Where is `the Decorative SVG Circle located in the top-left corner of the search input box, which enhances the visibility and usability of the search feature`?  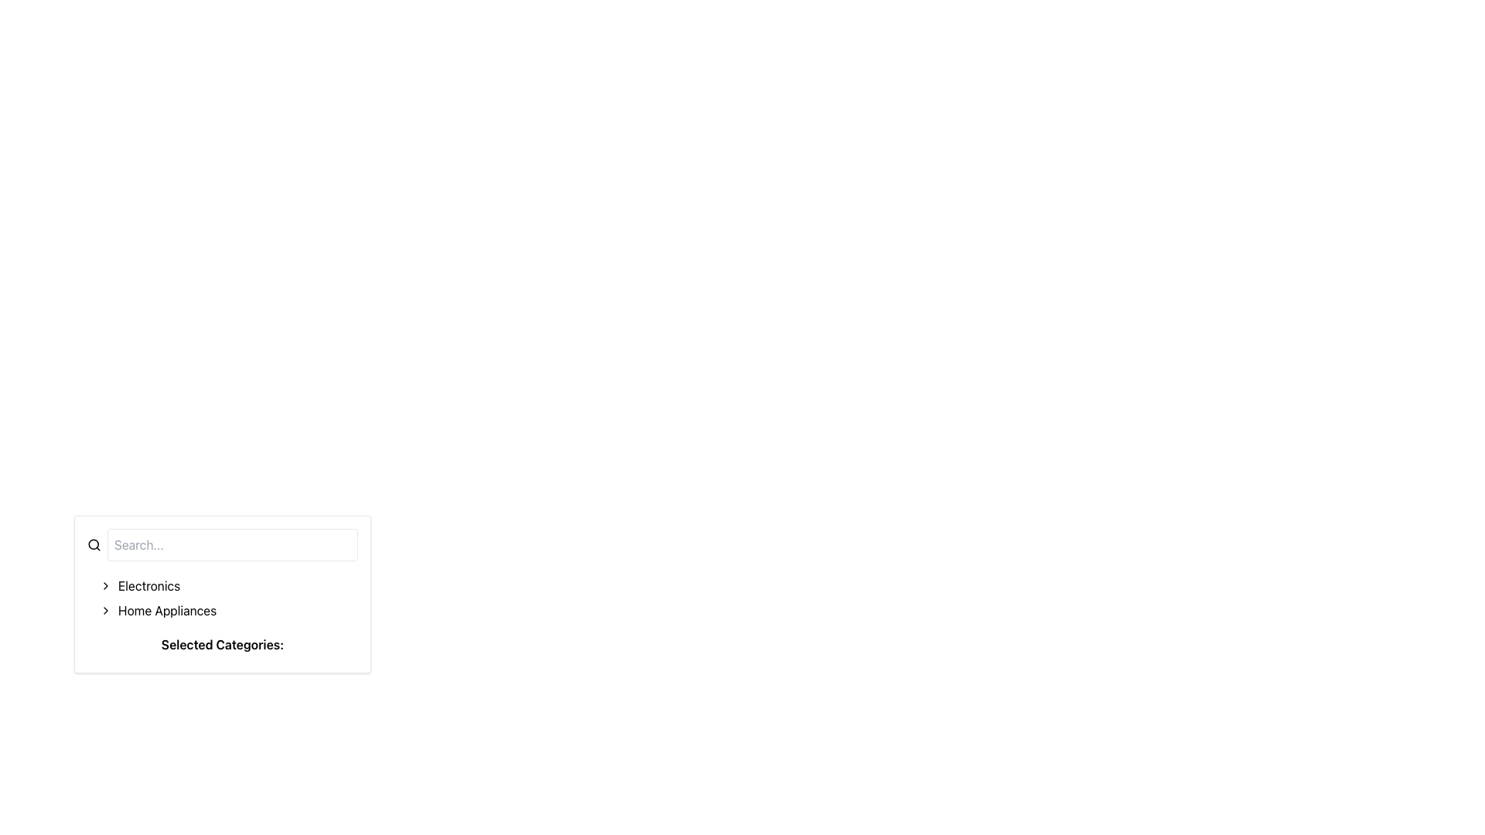
the Decorative SVG Circle located in the top-left corner of the search input box, which enhances the visibility and usability of the search feature is located at coordinates (93, 544).